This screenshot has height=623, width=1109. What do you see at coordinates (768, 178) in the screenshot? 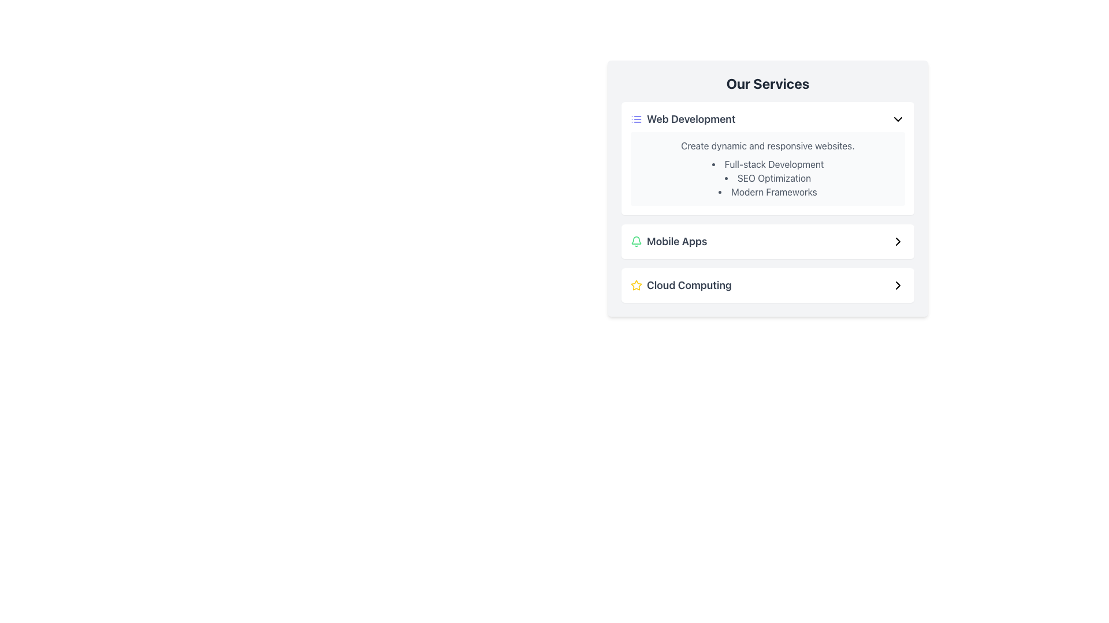
I see `the bulleted list in the 'Web Development' section that includes items such as 'Full-stack Development', 'SEO Optimization', and 'Modern Frameworks'` at bounding box center [768, 178].